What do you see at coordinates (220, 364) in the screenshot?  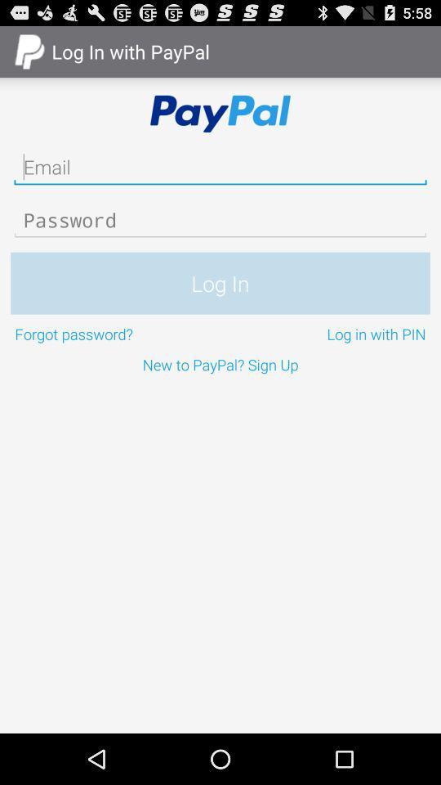 I see `app below forgot password? item` at bounding box center [220, 364].